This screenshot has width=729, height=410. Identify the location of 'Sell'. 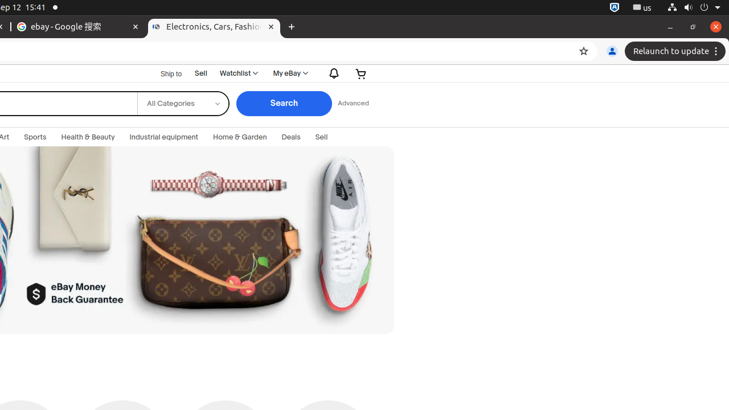
(201, 73).